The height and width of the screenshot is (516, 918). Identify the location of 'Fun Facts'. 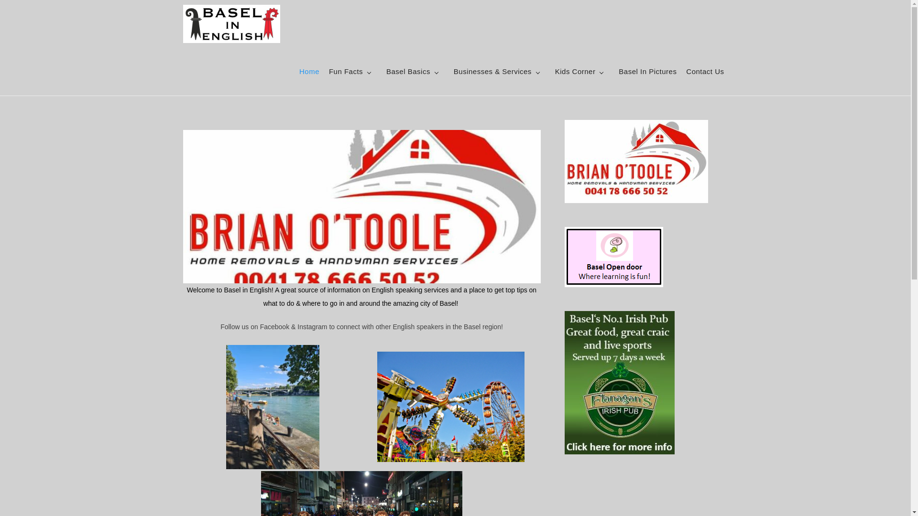
(349, 71).